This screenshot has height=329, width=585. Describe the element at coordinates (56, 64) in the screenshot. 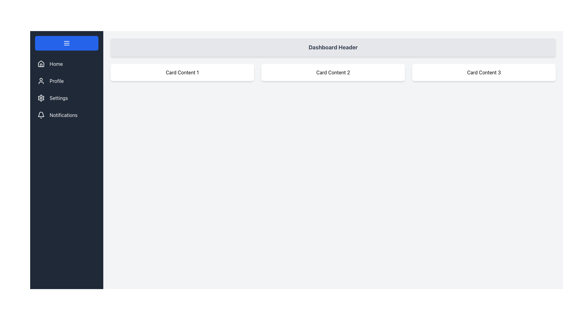

I see `the 'Home' text label in the vertical navigation menu, which indicates the button's purpose for navigating to the homepage` at that location.